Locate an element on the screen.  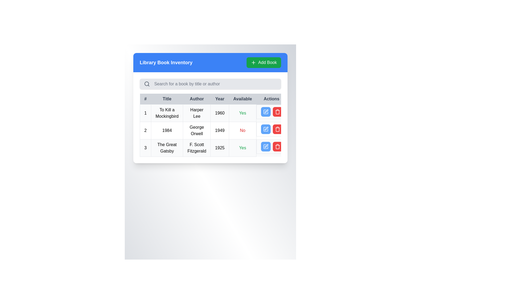
the 'Library Book Inventory' text label, which is a bold white font on a blue background, positioned to the left of the 'Add Book' button is located at coordinates (166, 62).